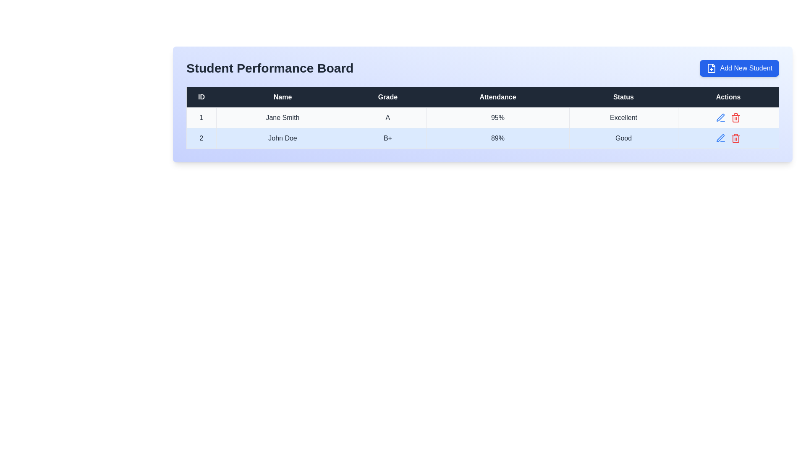  I want to click on the graphical icon resembling a file with a blue background, located to the left of the 'Add New Student' button in the top-right corner of the layout, so click(711, 68).